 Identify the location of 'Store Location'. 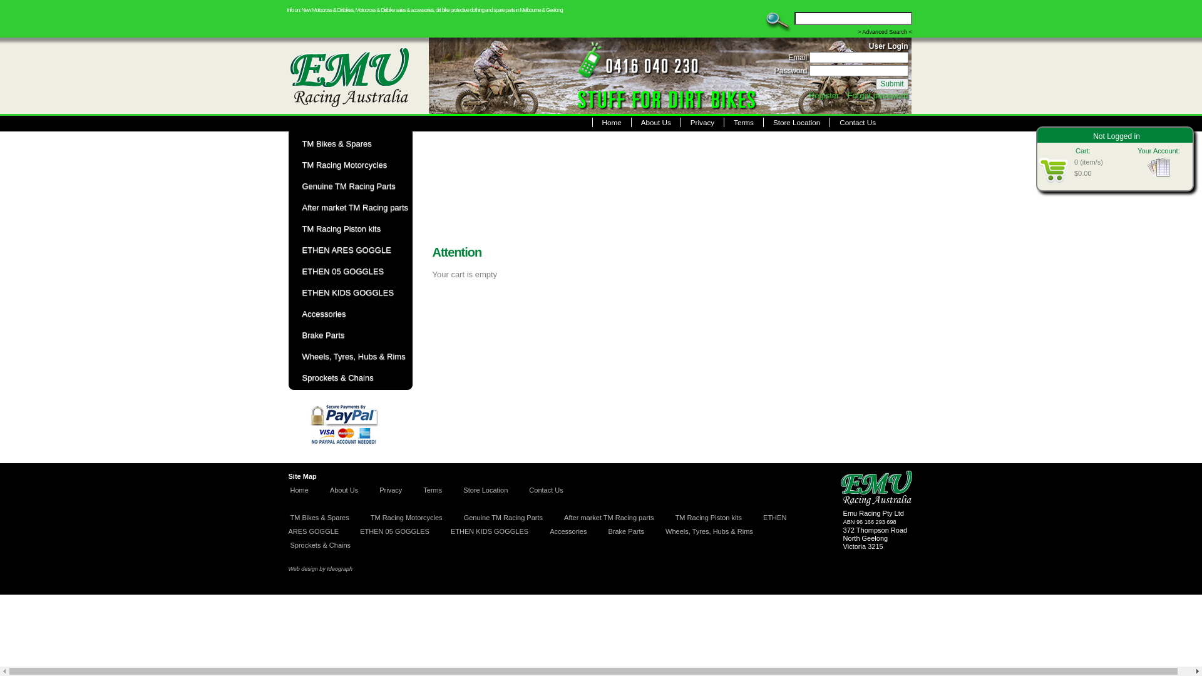
(763, 122).